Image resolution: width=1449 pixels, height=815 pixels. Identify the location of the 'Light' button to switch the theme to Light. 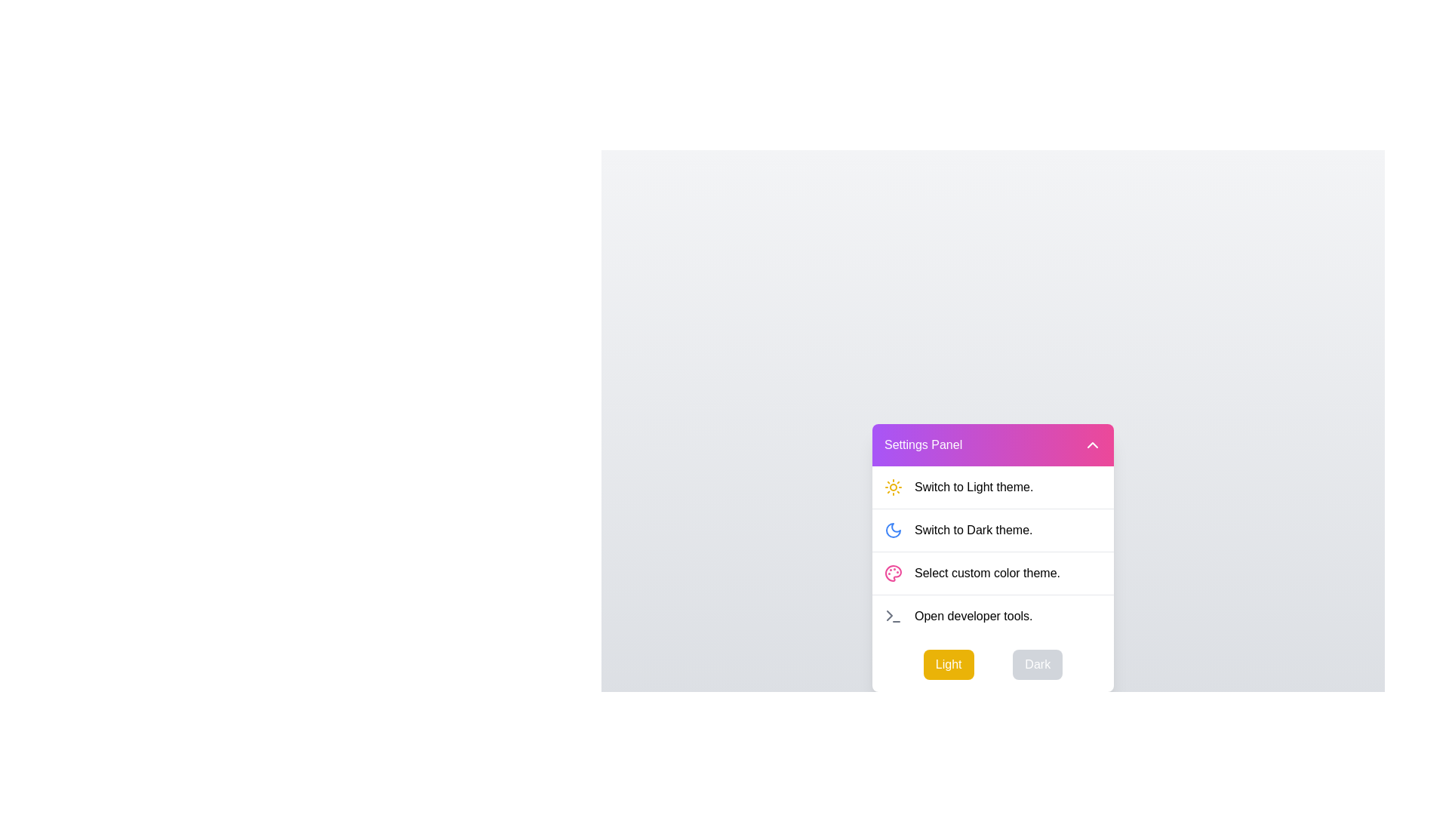
(948, 663).